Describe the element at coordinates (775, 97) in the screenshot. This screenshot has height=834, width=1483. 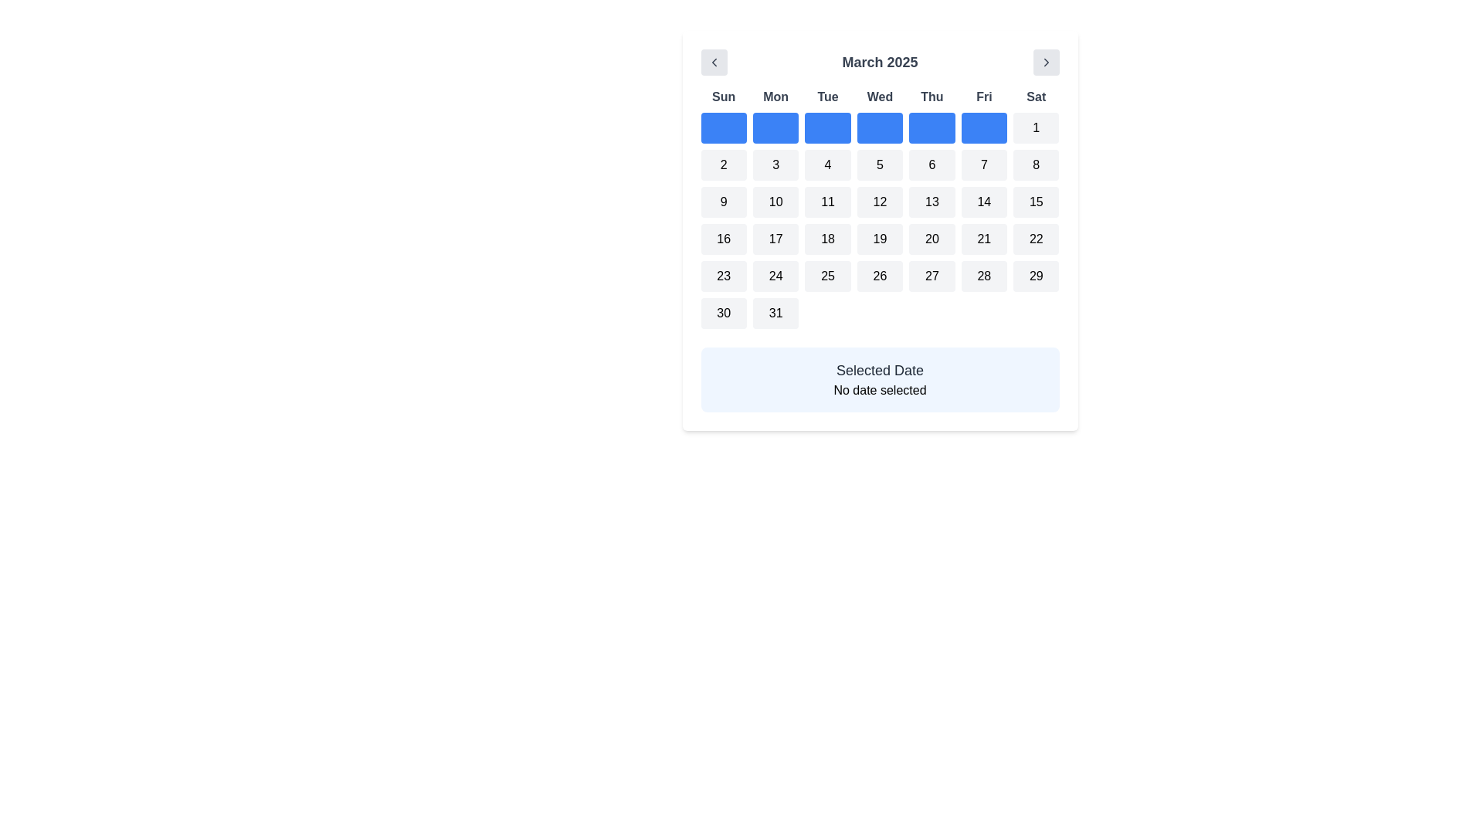
I see `the static text label displaying 'Mon', which is centrally aligned in gray font within a white background, located in the second position of the row of days in the calendar view` at that location.